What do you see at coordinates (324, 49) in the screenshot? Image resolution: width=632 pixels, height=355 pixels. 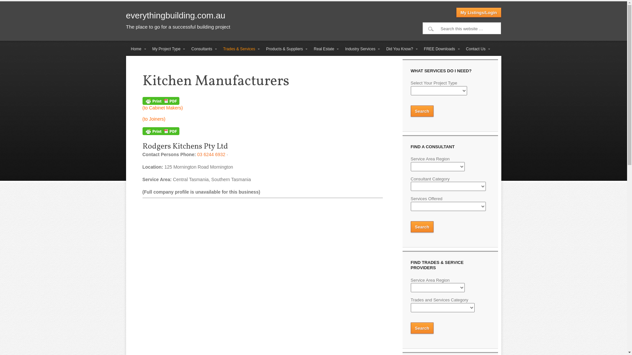 I see `'Real Estate'` at bounding box center [324, 49].